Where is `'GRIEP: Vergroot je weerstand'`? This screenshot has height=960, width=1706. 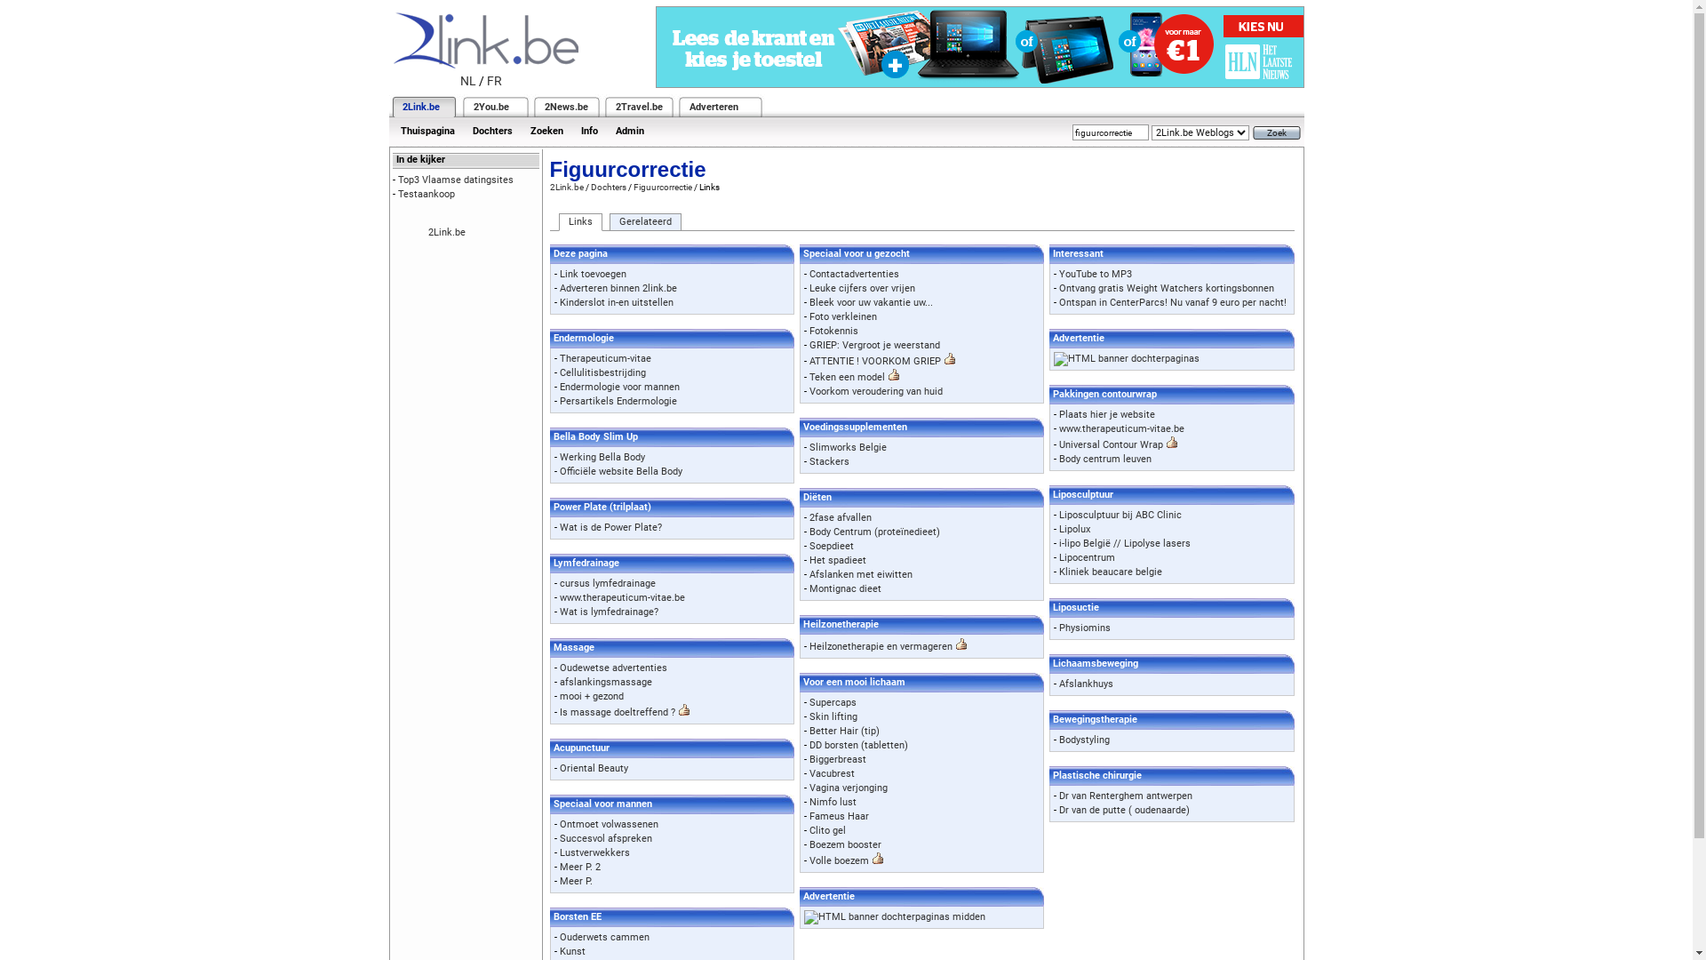 'GRIEP: Vergroot je weerstand' is located at coordinates (874, 345).